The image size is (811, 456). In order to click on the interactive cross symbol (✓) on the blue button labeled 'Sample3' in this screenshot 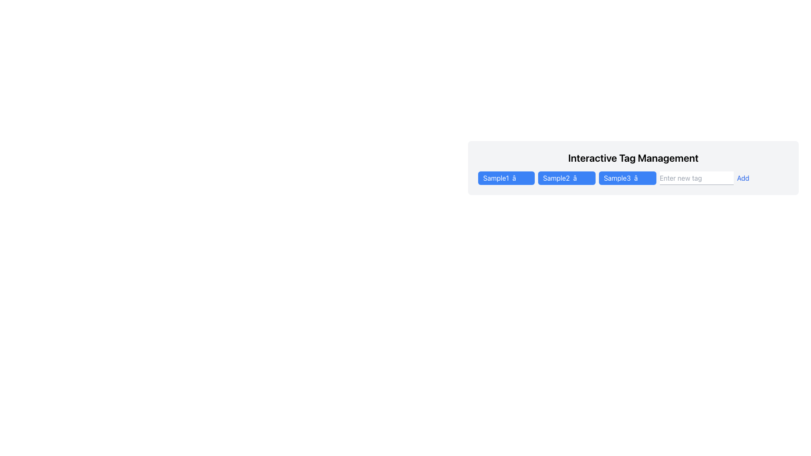, I will do `click(627, 177)`.